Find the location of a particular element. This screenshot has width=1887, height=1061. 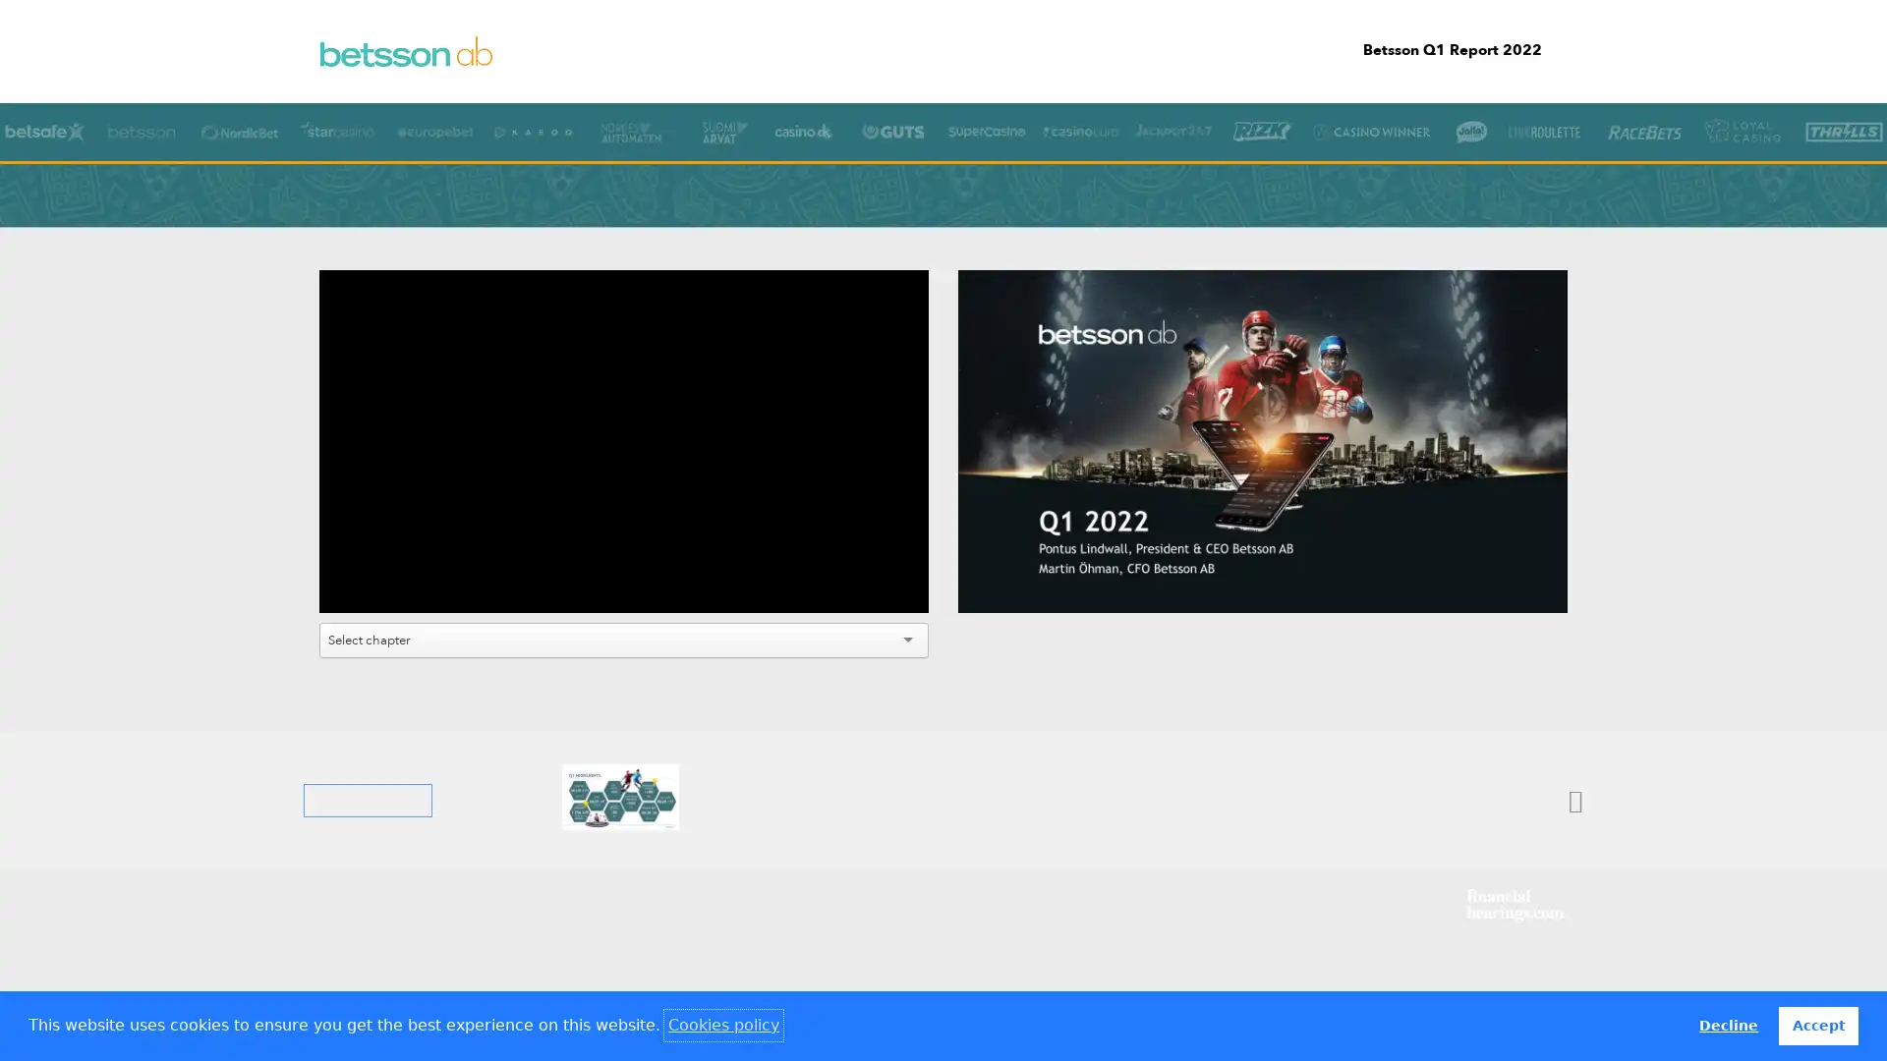

Fullscreen is located at coordinates (896, 582).